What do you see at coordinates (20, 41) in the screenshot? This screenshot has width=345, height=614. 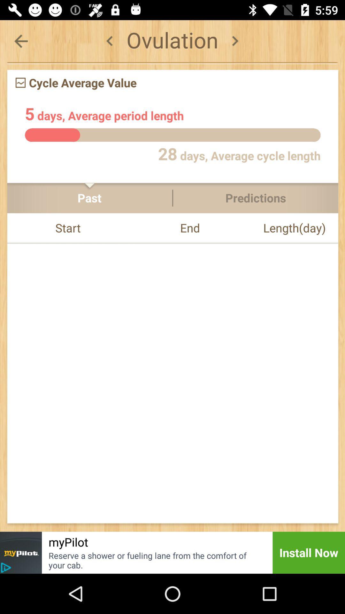 I see `the arrow_backward icon` at bounding box center [20, 41].